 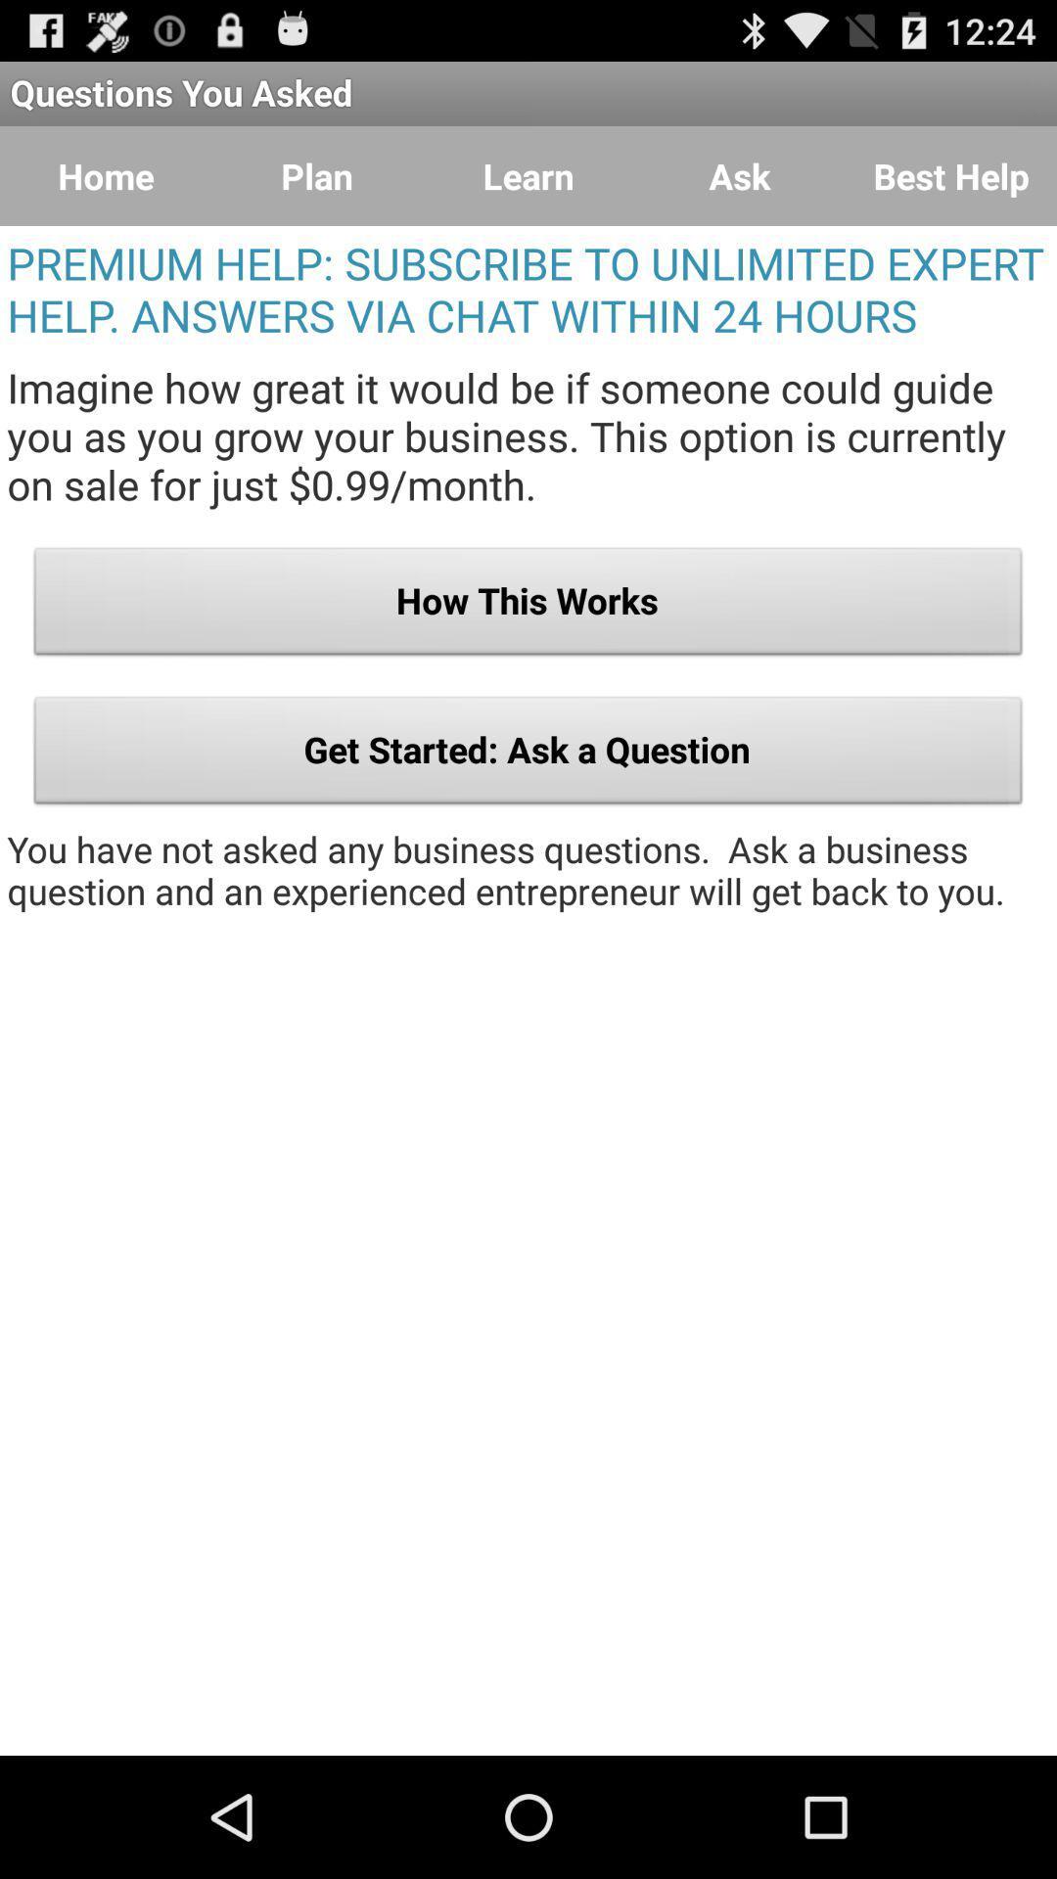 I want to click on the home, so click(x=106, y=176).